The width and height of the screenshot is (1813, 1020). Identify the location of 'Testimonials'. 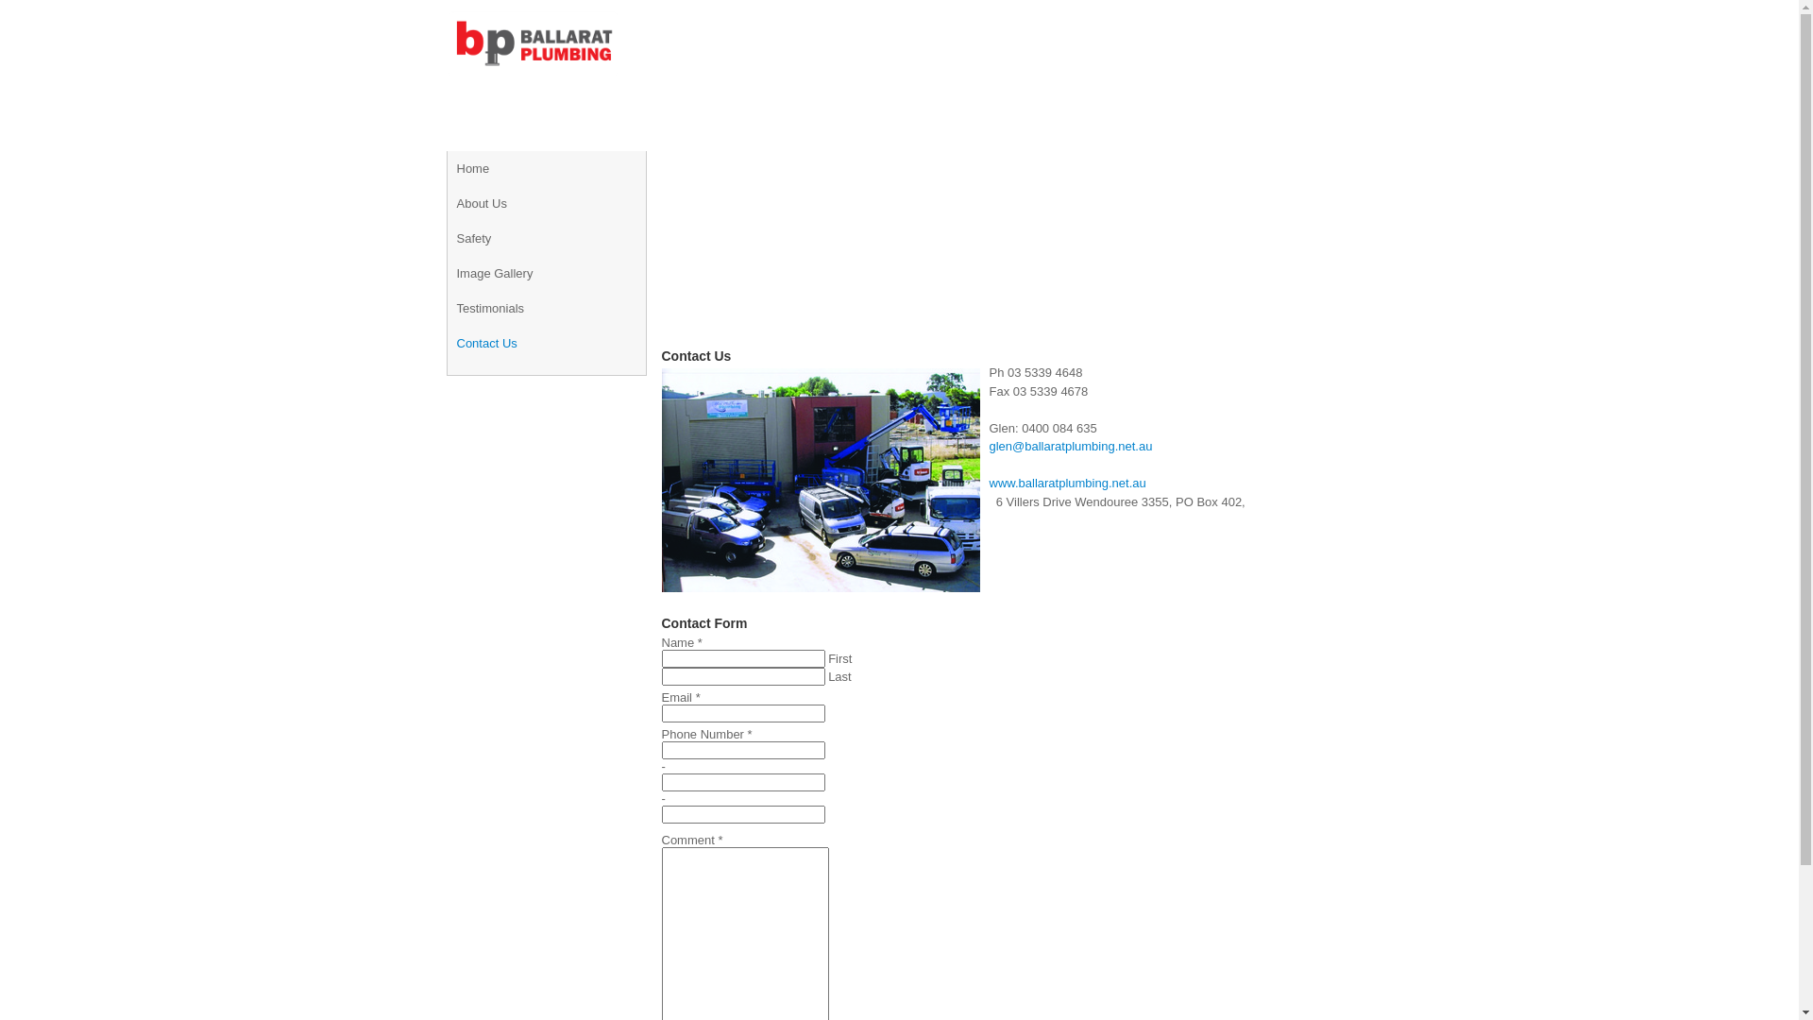
(457, 307).